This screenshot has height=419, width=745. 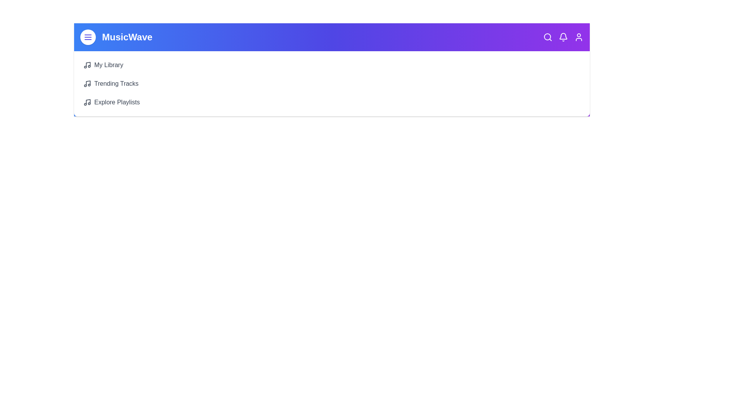 I want to click on the search icon to initiate a search, so click(x=547, y=37).